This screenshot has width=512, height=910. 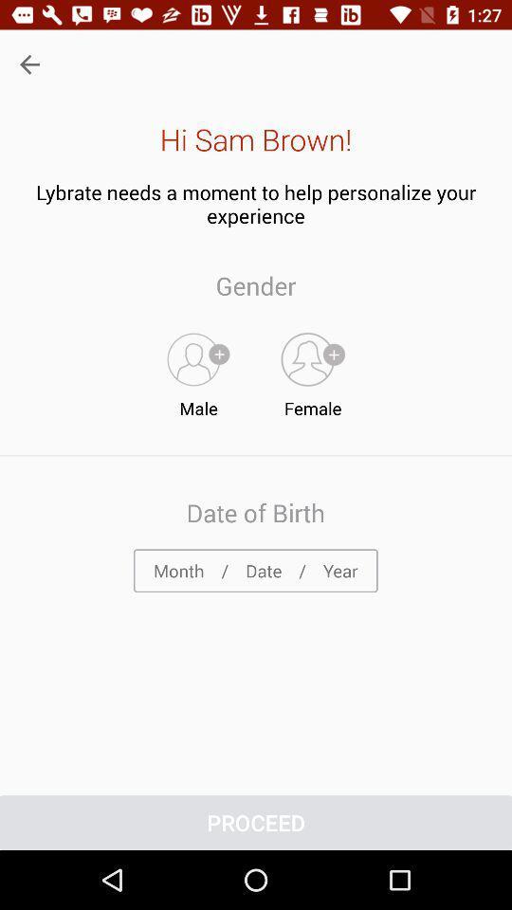 I want to click on item below date of birth item, so click(x=255, y=570).